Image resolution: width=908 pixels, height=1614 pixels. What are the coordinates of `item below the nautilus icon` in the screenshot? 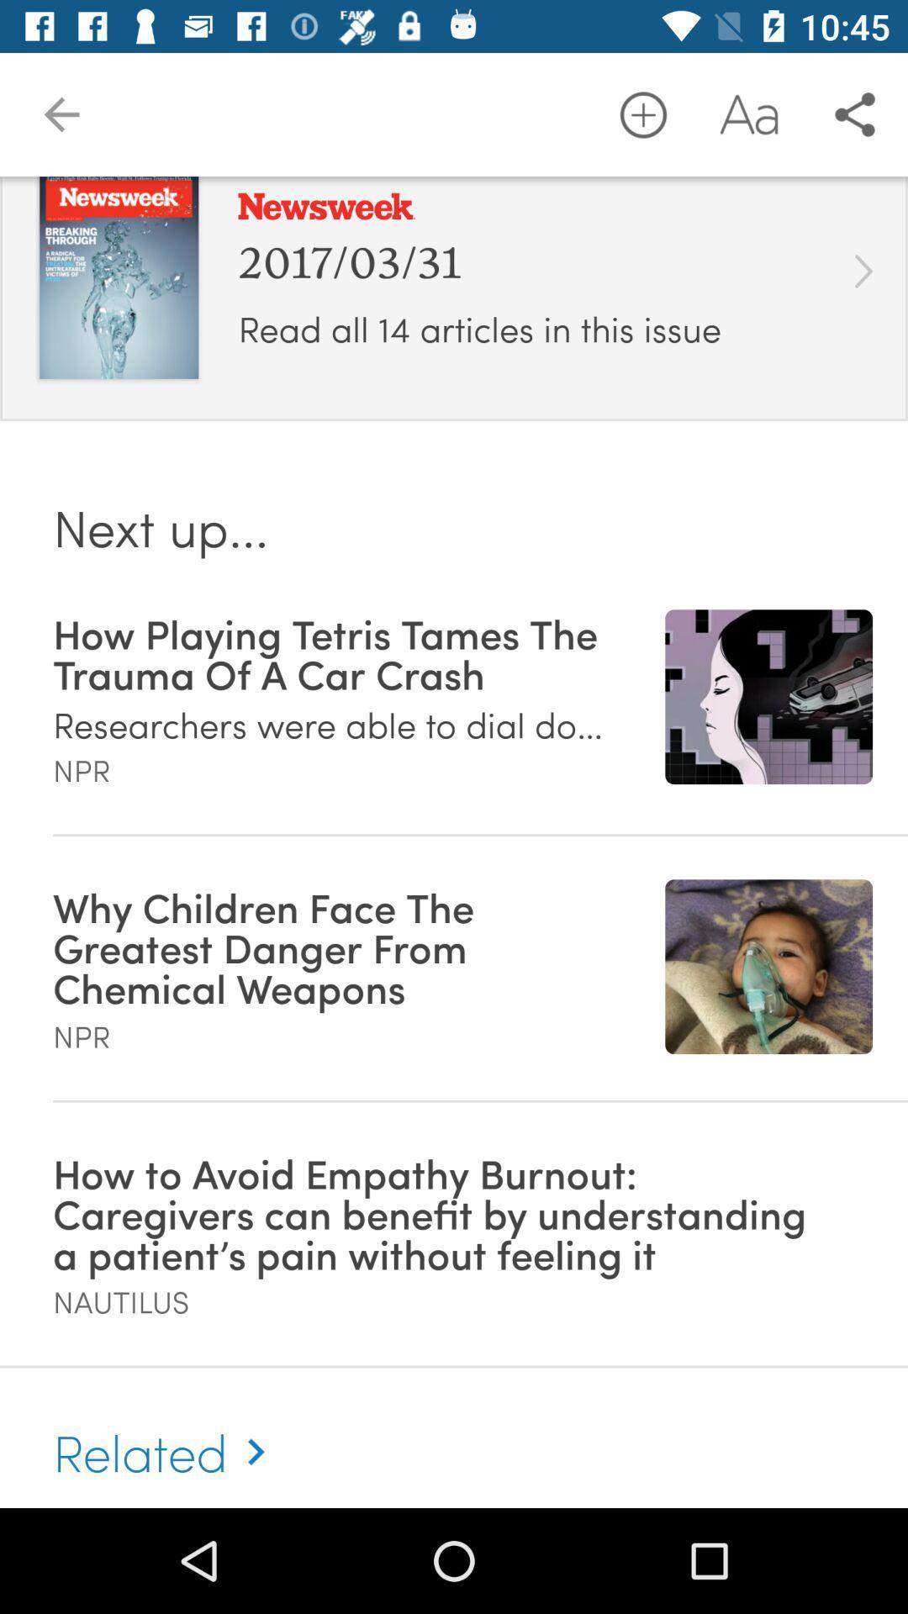 It's located at (166, 1432).